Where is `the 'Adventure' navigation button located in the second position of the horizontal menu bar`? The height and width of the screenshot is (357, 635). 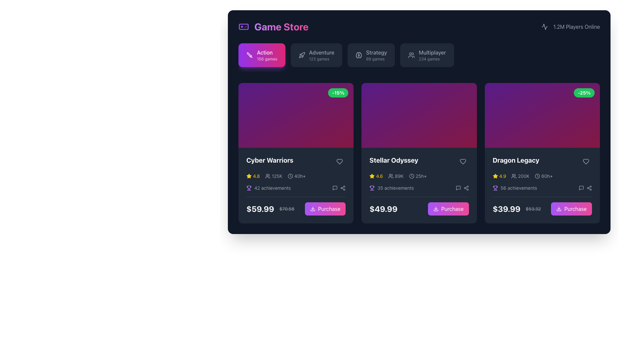 the 'Adventure' navigation button located in the second position of the horizontal menu bar is located at coordinates (316, 55).